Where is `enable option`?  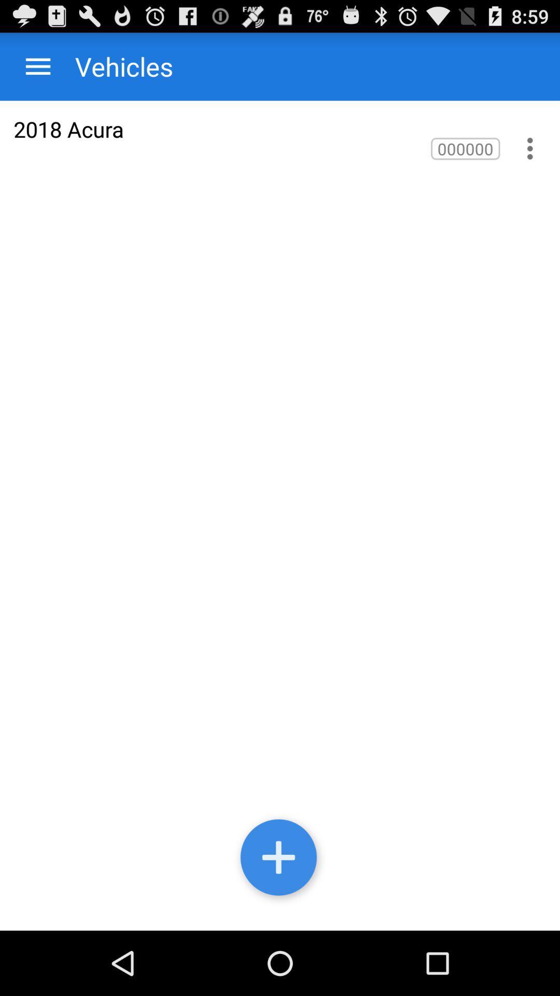 enable option is located at coordinates (530, 148).